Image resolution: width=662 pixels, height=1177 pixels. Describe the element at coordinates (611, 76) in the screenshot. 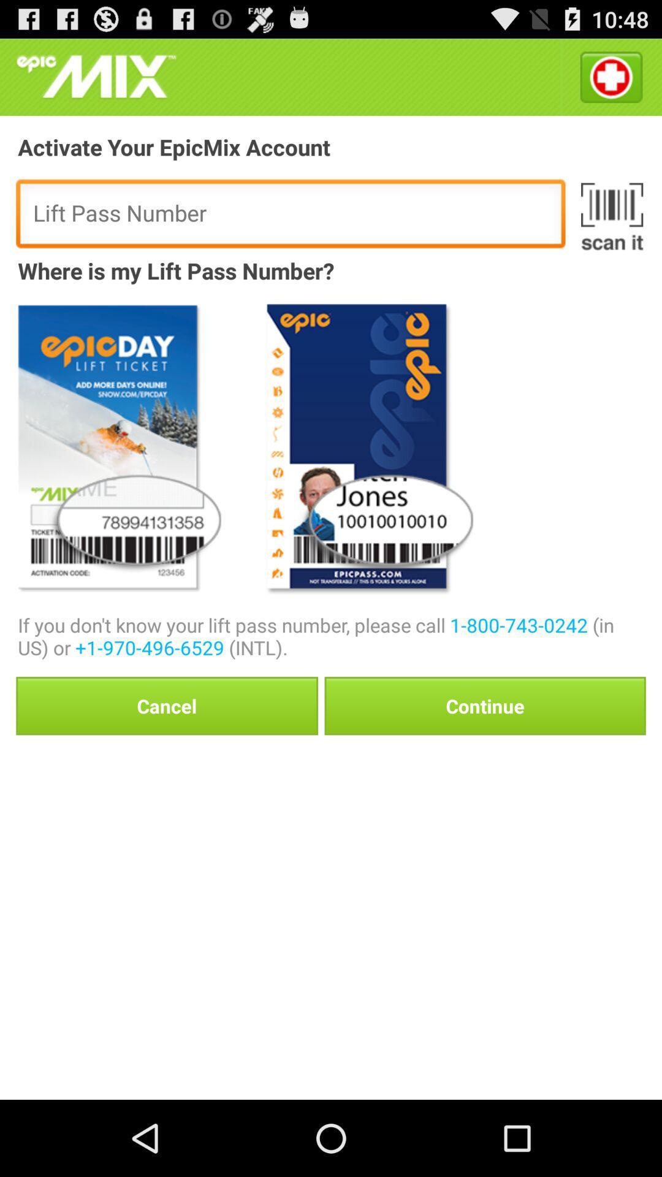

I see `the icon above activate your epicmix item` at that location.